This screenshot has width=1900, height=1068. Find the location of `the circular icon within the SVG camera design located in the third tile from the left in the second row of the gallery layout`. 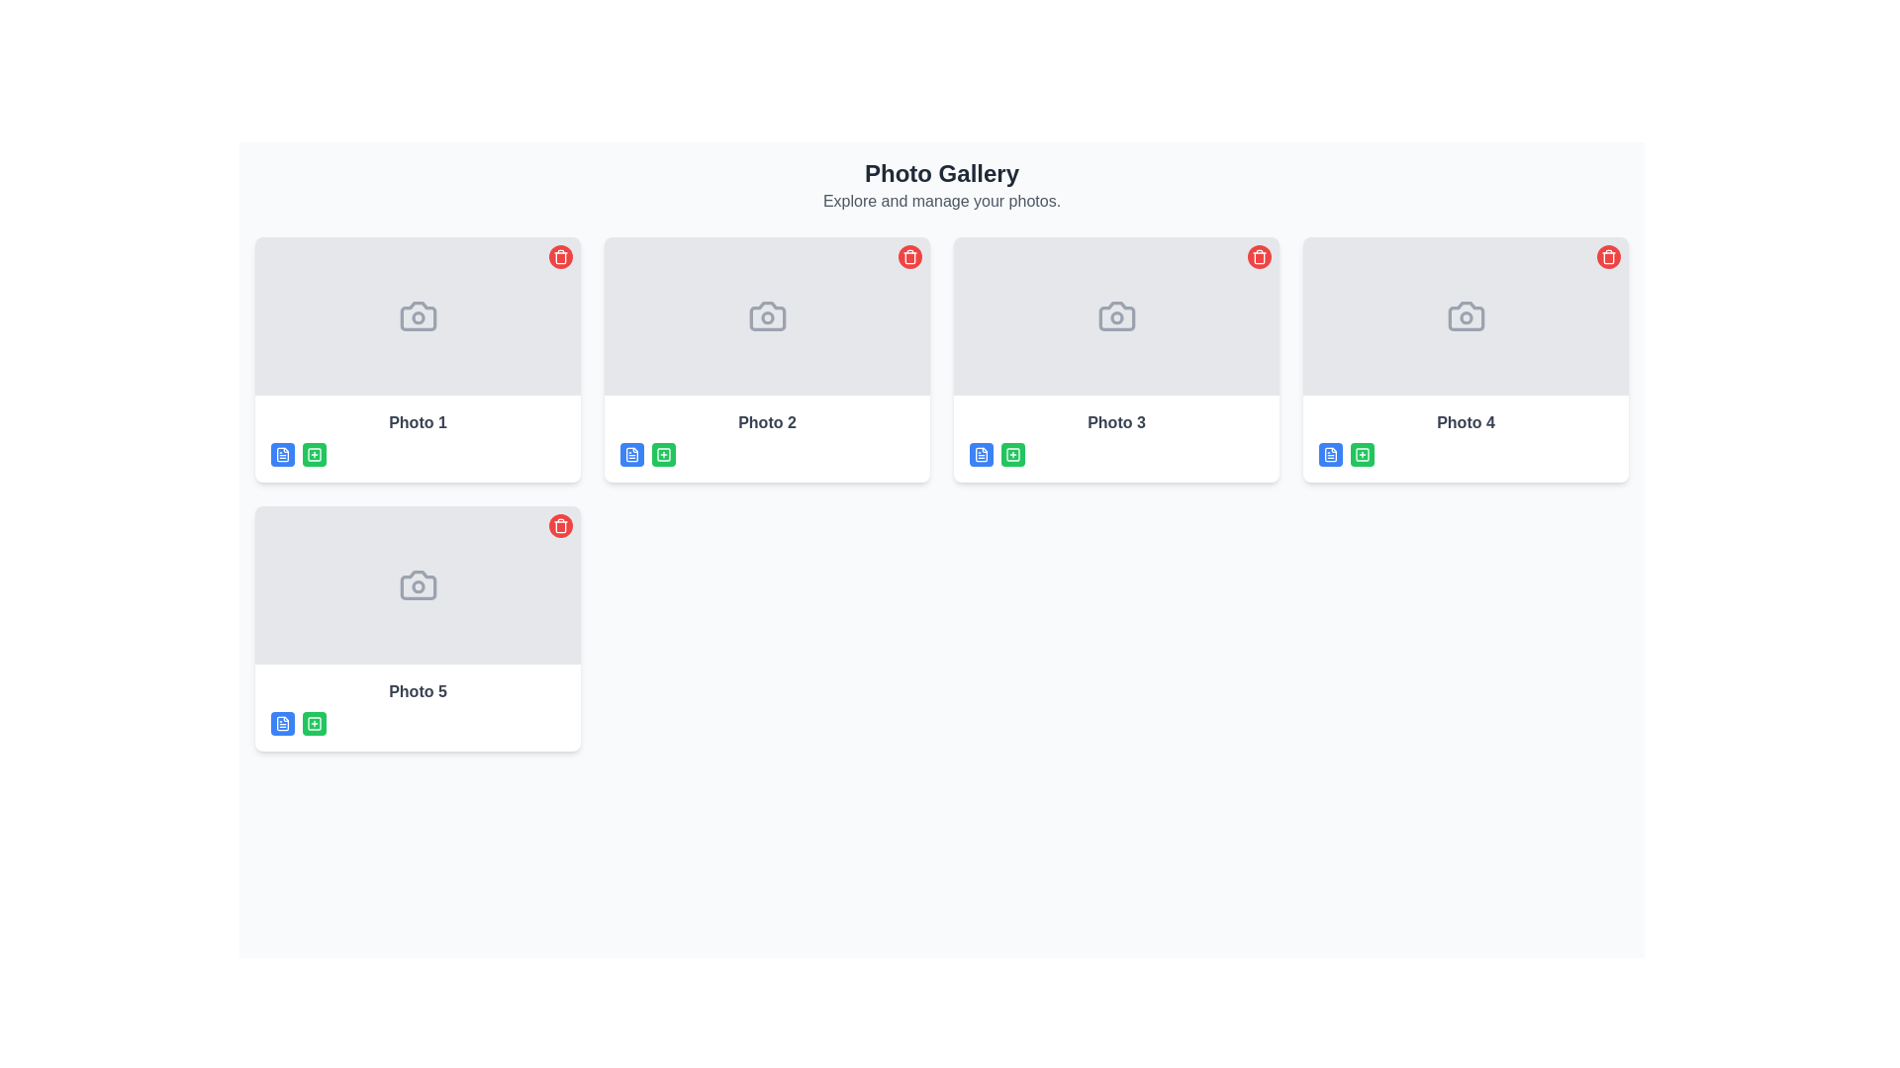

the circular icon within the SVG camera design located in the third tile from the left in the second row of the gallery layout is located at coordinates (1116, 316).